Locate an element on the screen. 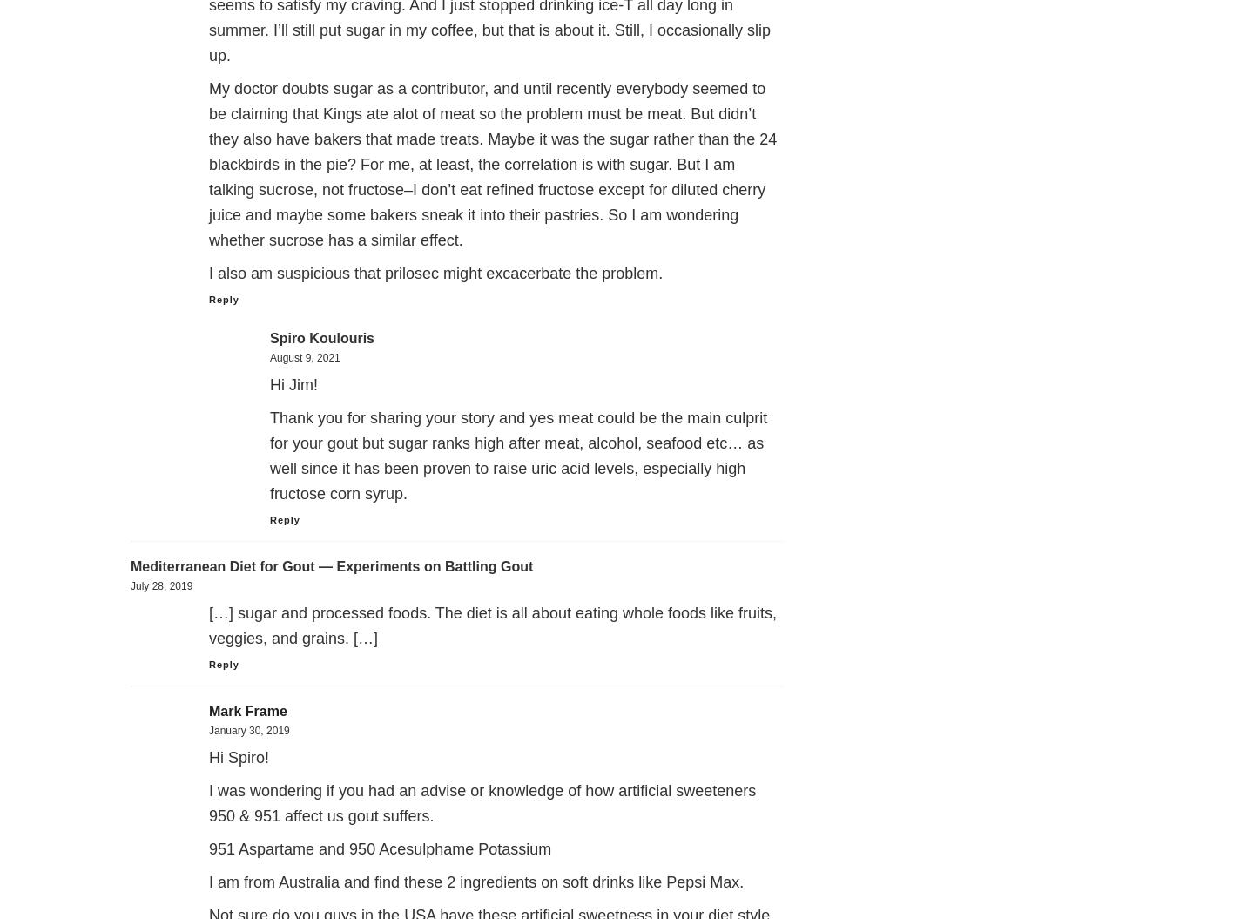 The width and height of the screenshot is (1254, 919). 'I also am suspicious that prilosec might excacerbate the problem.' is located at coordinates (435, 272).